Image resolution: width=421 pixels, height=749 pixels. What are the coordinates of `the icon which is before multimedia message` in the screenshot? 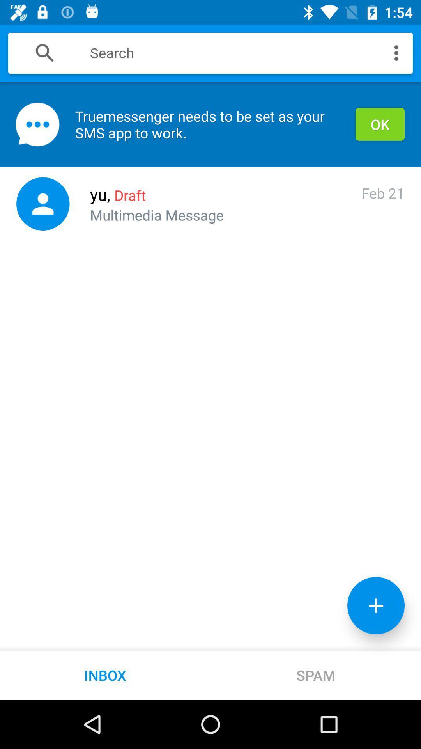 It's located at (43, 204).